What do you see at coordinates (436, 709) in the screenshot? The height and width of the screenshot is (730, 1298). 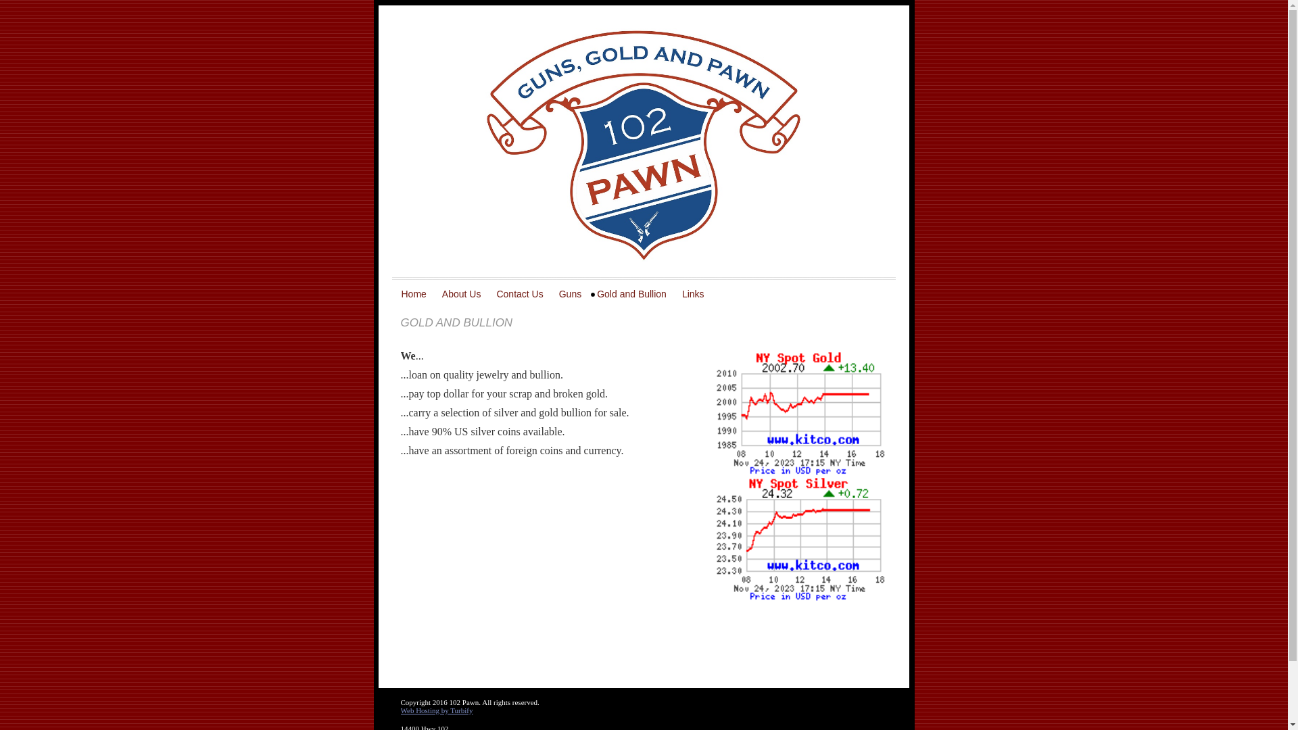 I see `'Web Hosting by Turbify'` at bounding box center [436, 709].